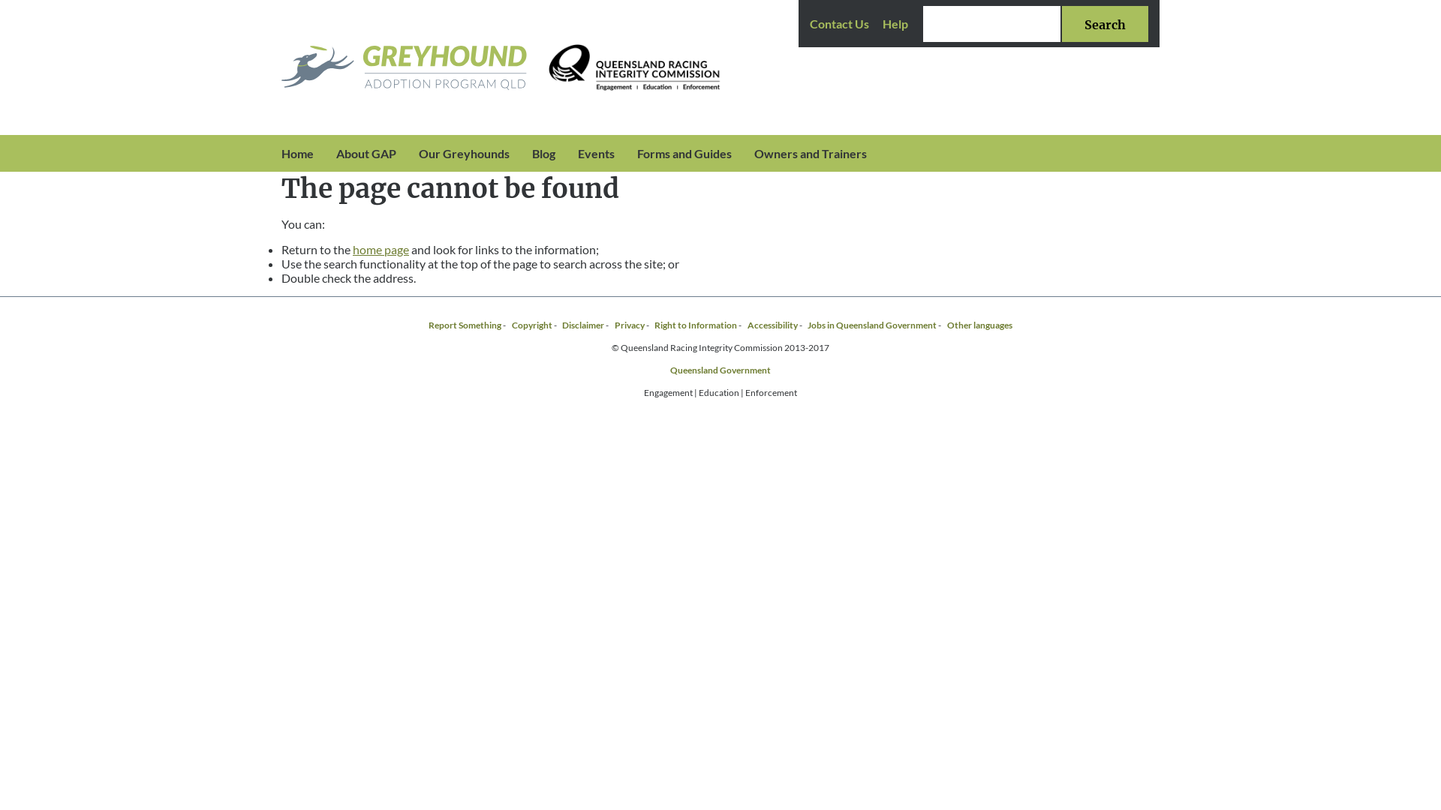 The image size is (1441, 810). Describe the element at coordinates (883, 23) in the screenshot. I see `'Help'` at that location.